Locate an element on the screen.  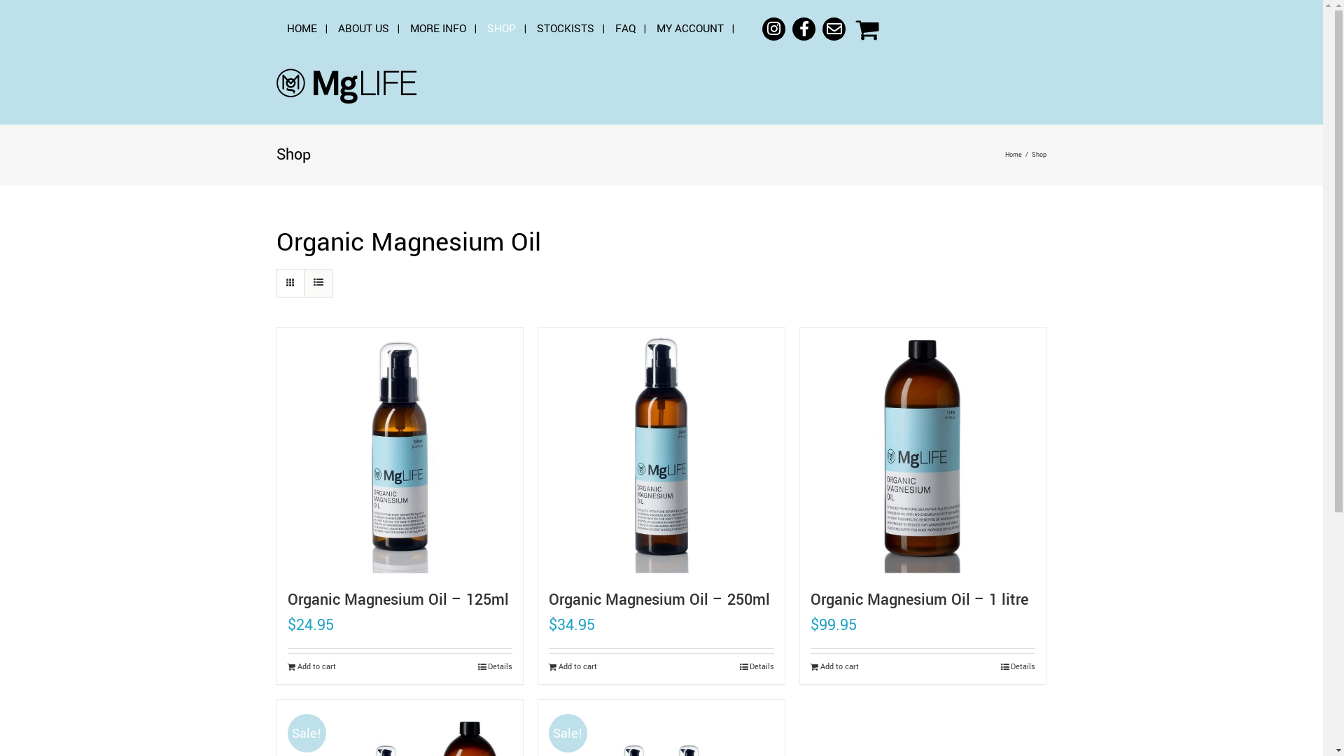
'ABOUT US' is located at coordinates (363, 29).